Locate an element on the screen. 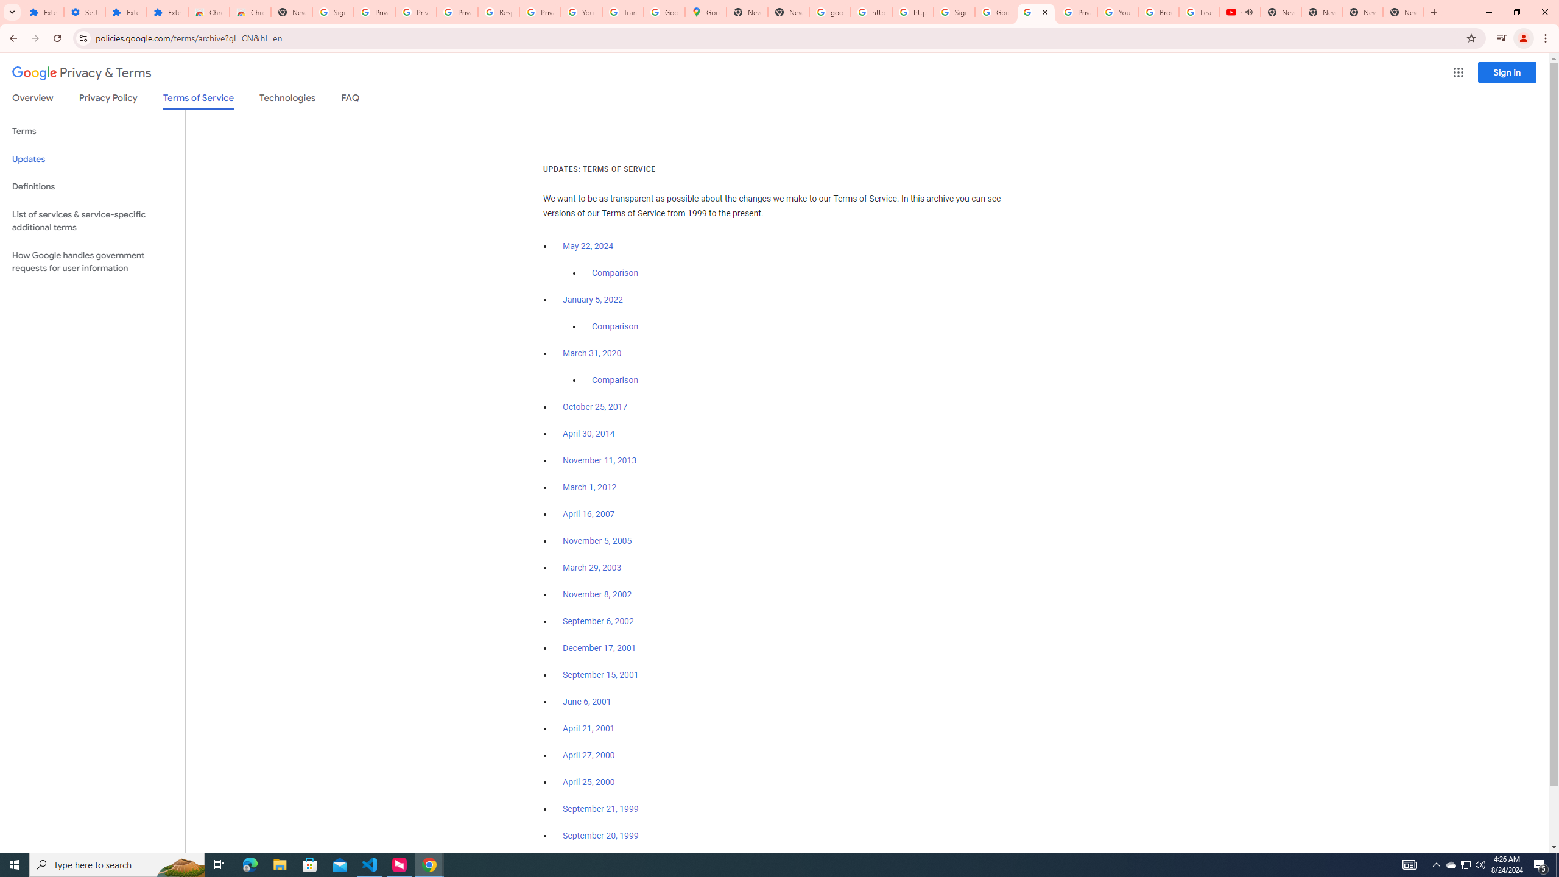 The height and width of the screenshot is (877, 1559). 'https://scholar.google.com/' is located at coordinates (871, 12).